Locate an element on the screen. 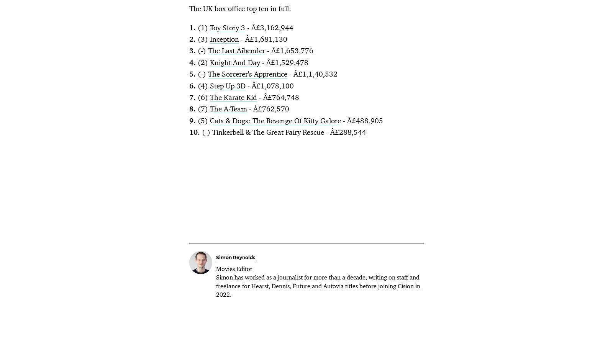 The width and height of the screenshot is (613, 353). 'Doctor Who' is located at coordinates (213, 135).